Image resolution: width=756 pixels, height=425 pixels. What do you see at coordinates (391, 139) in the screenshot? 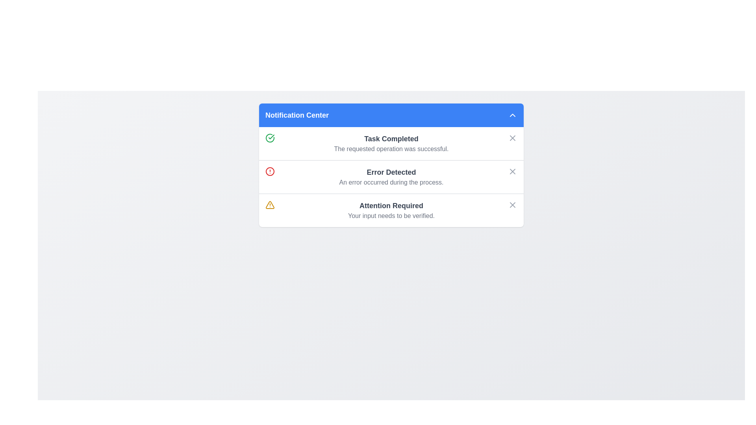
I see `text displayed in the bold 'Task Completed' label at the top of the notification entry in the Notification Center` at bounding box center [391, 139].